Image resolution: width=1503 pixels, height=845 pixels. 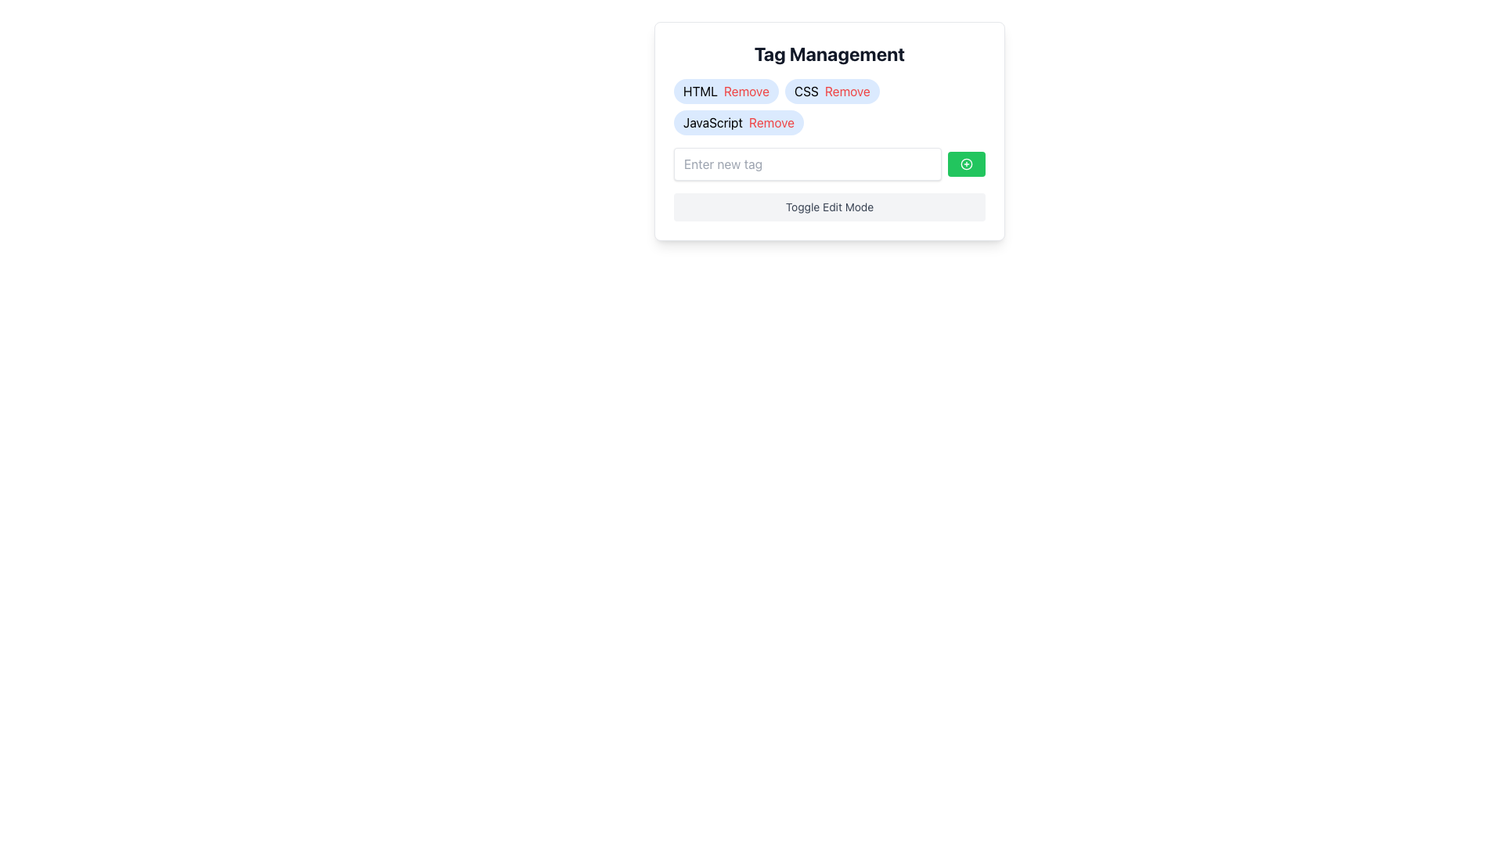 I want to click on the button that removes the 'CSS' tag from the list, so click(x=846, y=91).